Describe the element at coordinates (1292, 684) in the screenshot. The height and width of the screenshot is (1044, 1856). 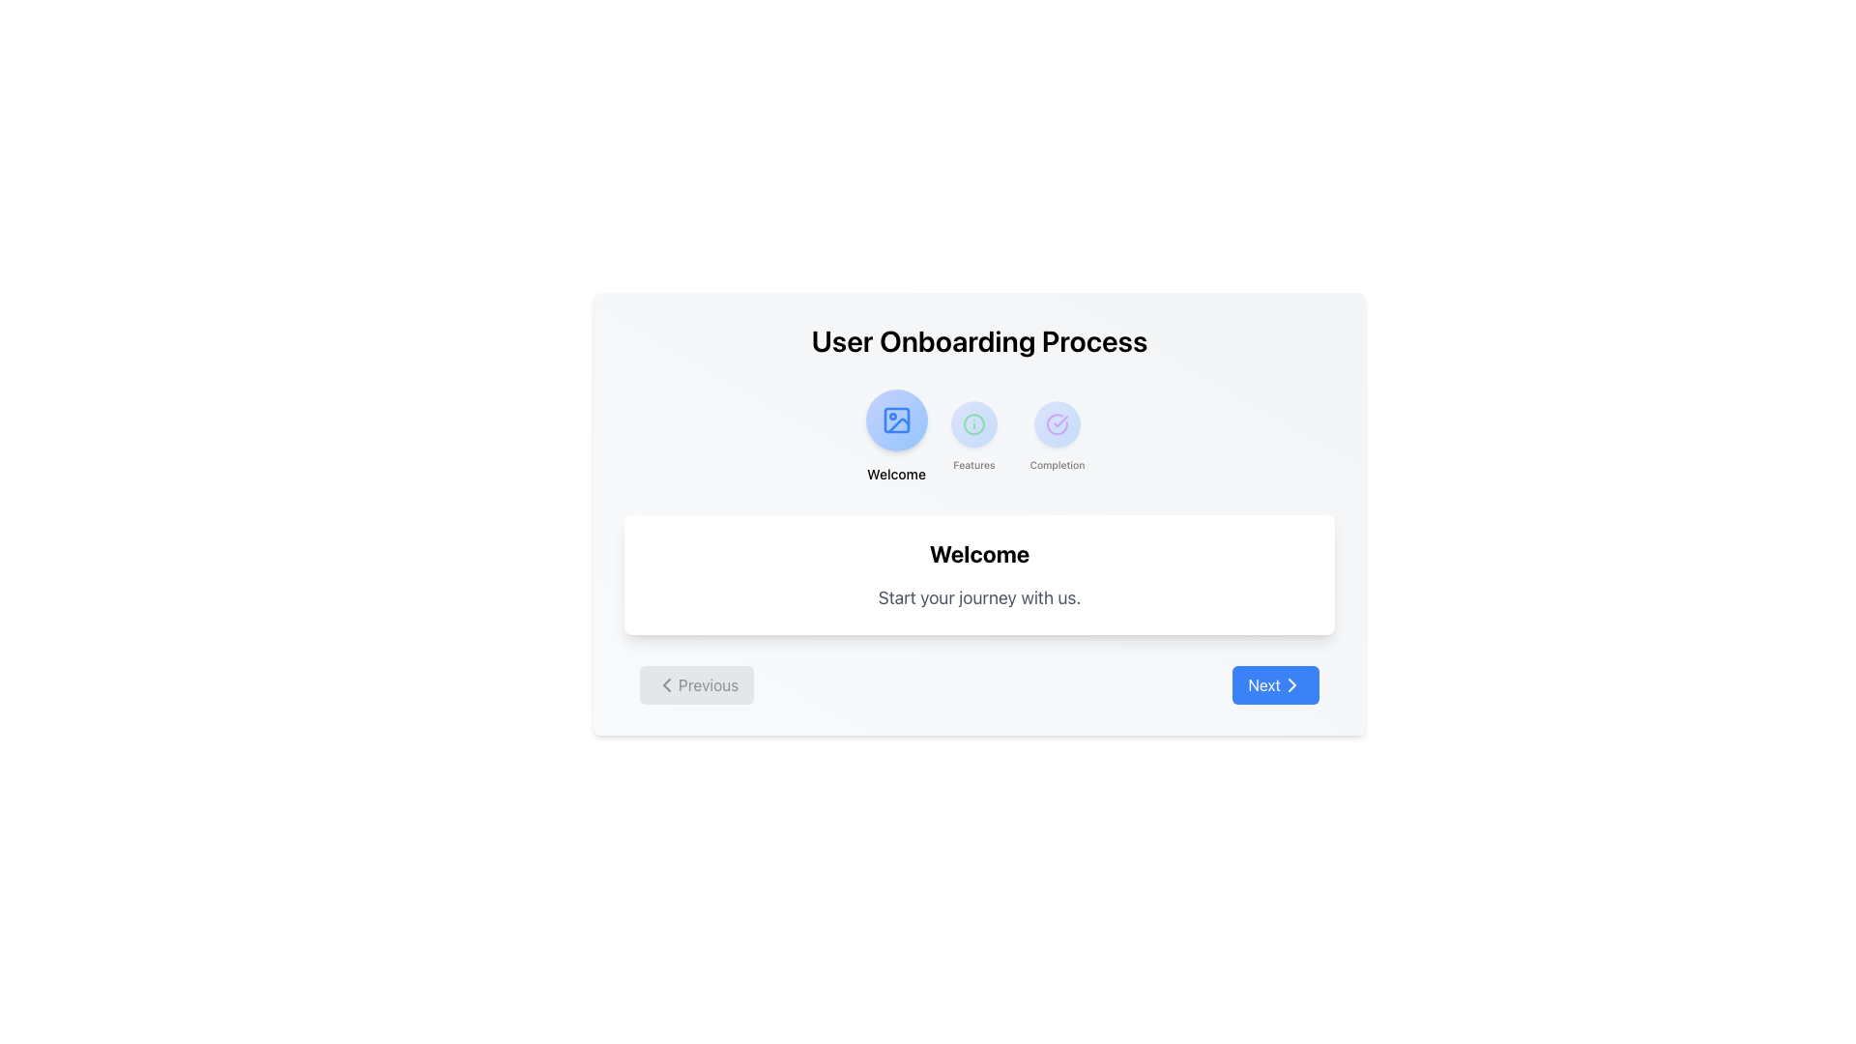
I see `the right-oriented arrow within the 'Next' button` at that location.